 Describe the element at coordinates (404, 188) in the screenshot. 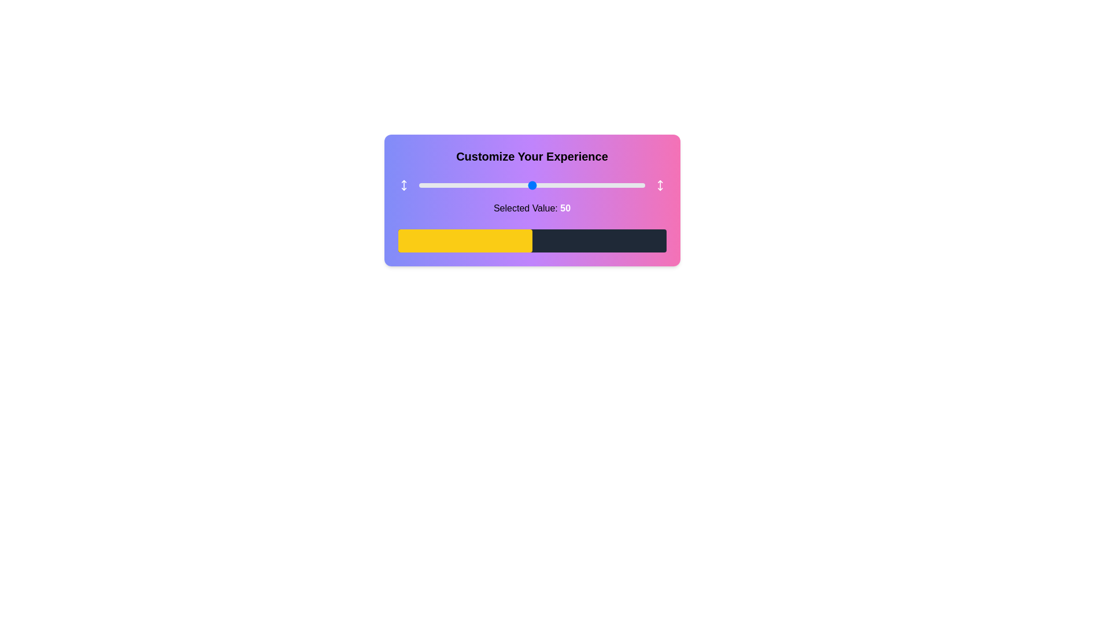

I see `the down arrow icon to indicate direction` at that location.